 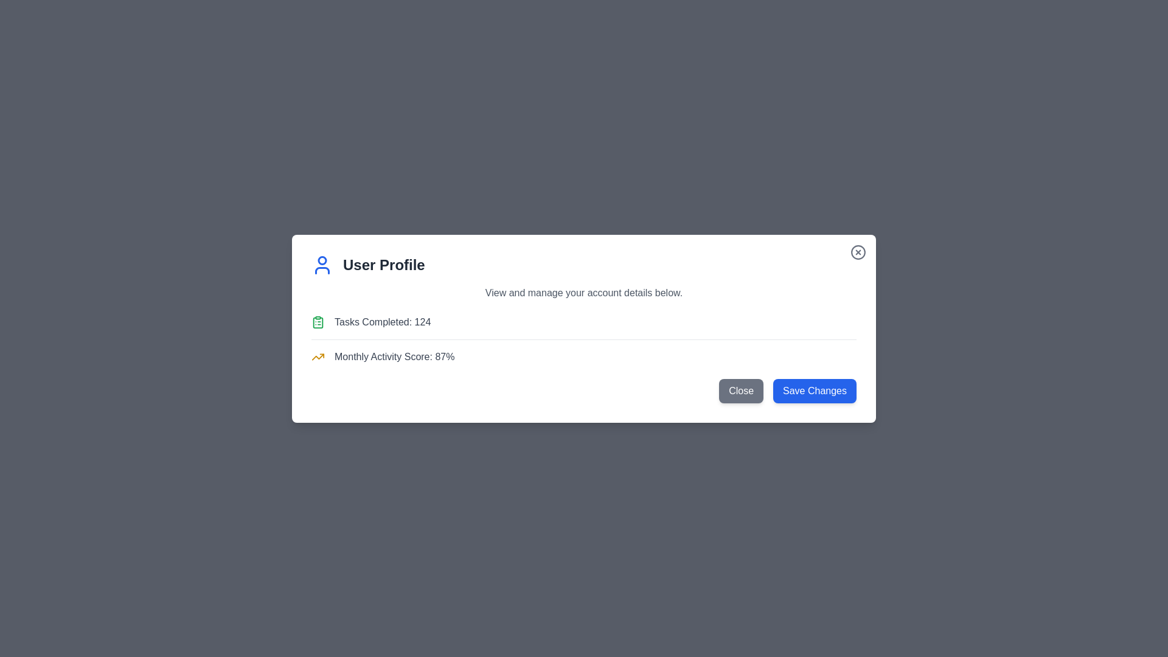 I want to click on the performance metric icon located to the left of the text 'Monthly Activity Score: 87%' in the user profile section, so click(x=318, y=356).